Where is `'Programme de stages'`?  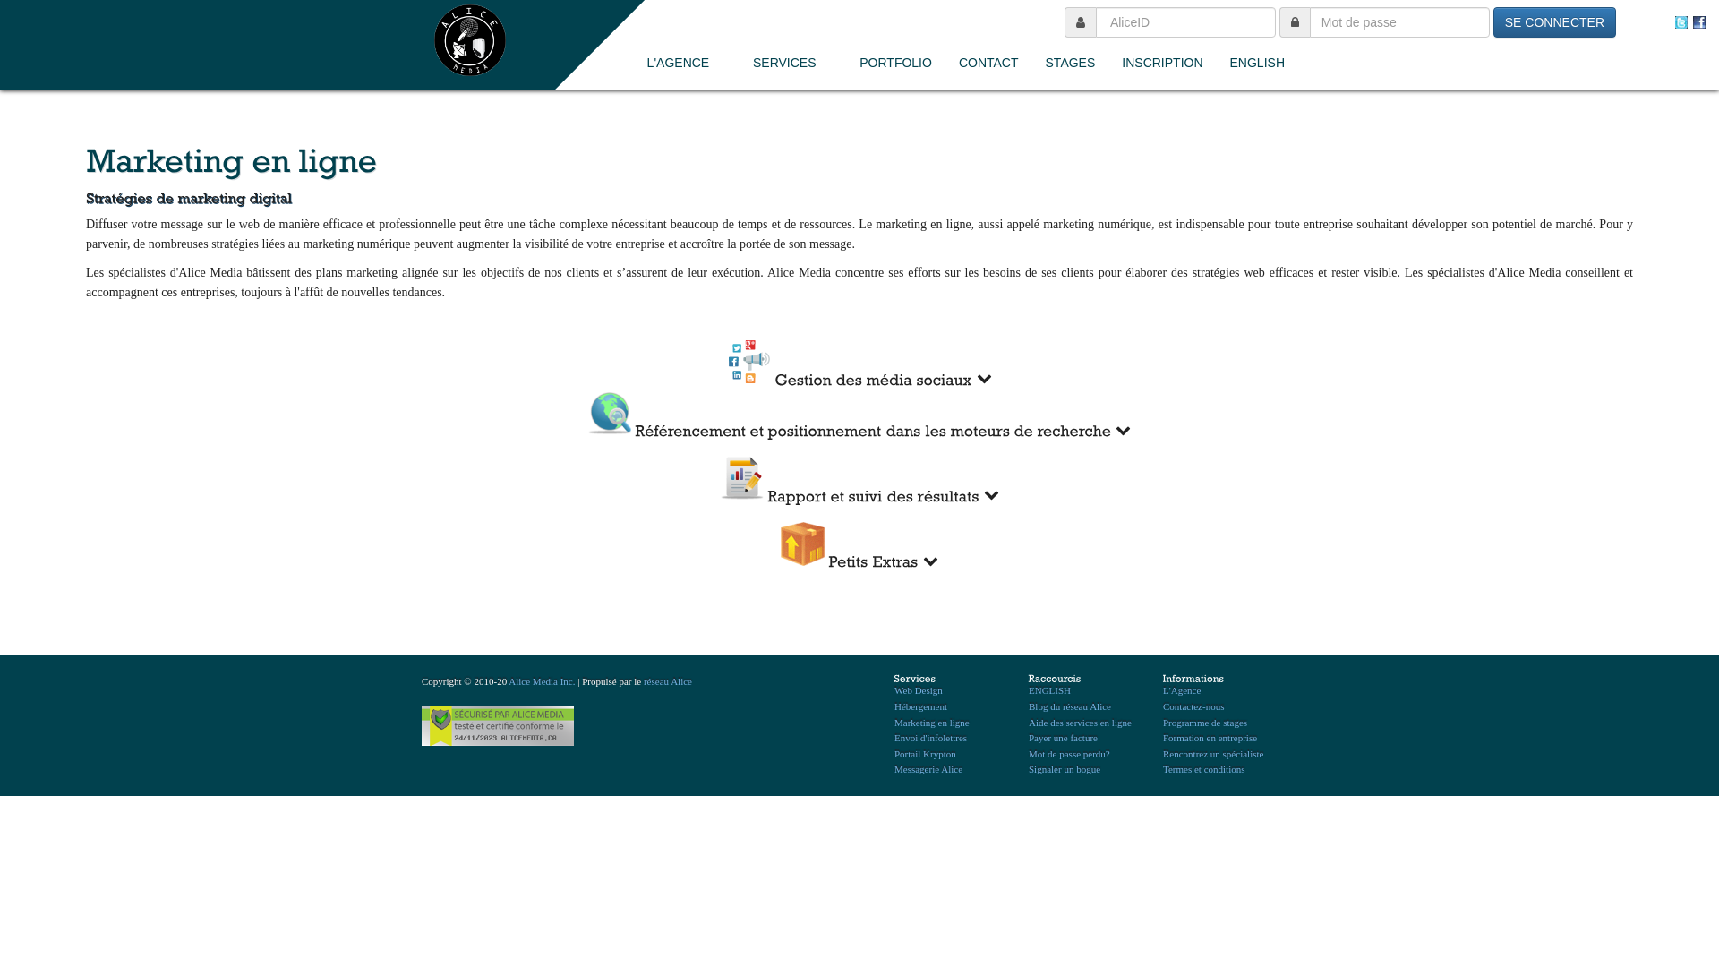 'Programme de stages' is located at coordinates (1204, 721).